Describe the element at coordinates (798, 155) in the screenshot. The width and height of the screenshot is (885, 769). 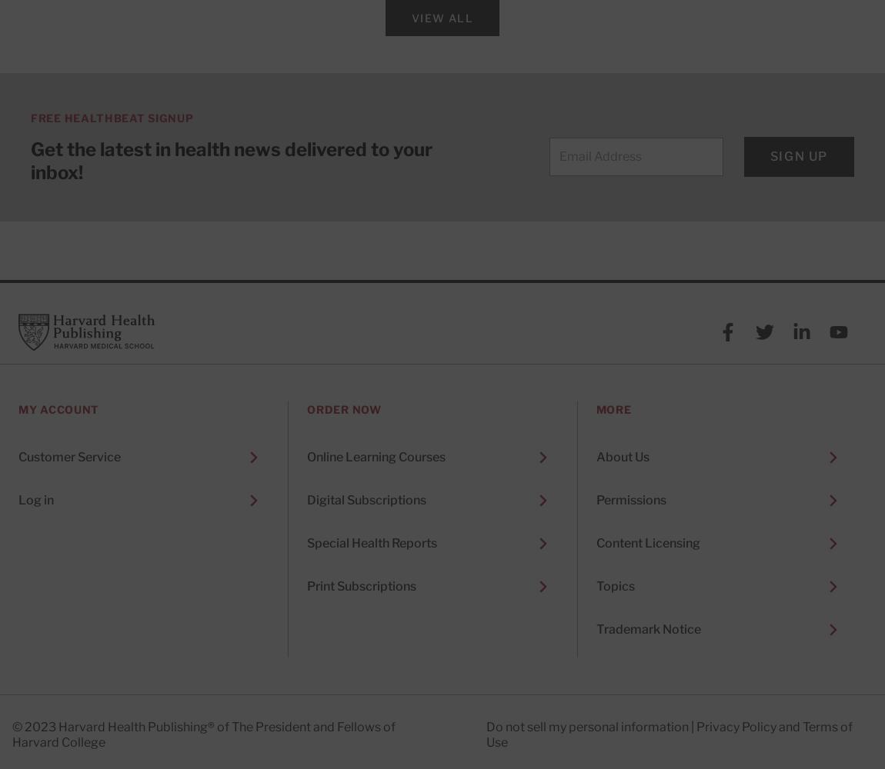
I see `'Sign Up'` at that location.